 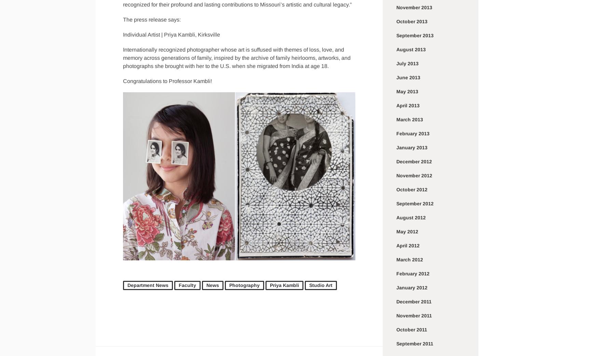 I want to click on 'June 2013', so click(x=408, y=77).